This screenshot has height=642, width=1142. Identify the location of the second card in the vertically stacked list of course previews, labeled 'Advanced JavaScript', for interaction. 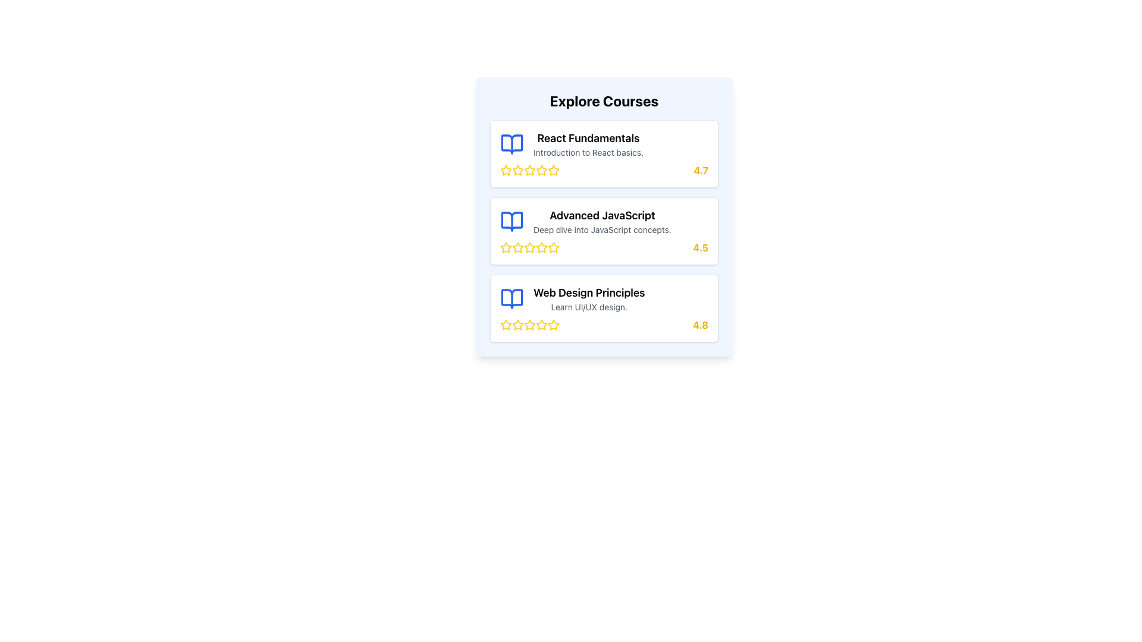
(604, 231).